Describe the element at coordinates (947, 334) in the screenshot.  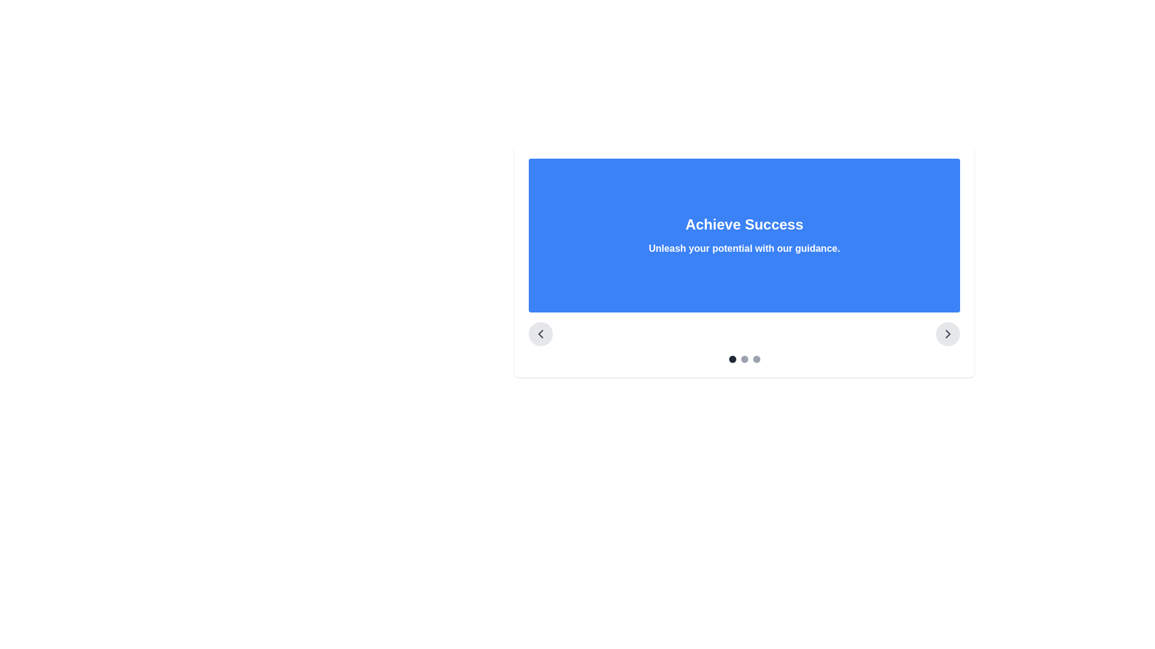
I see `the right navigation arrow button located in the bottom-right corner of the widget titled 'Achieve Success'` at that location.